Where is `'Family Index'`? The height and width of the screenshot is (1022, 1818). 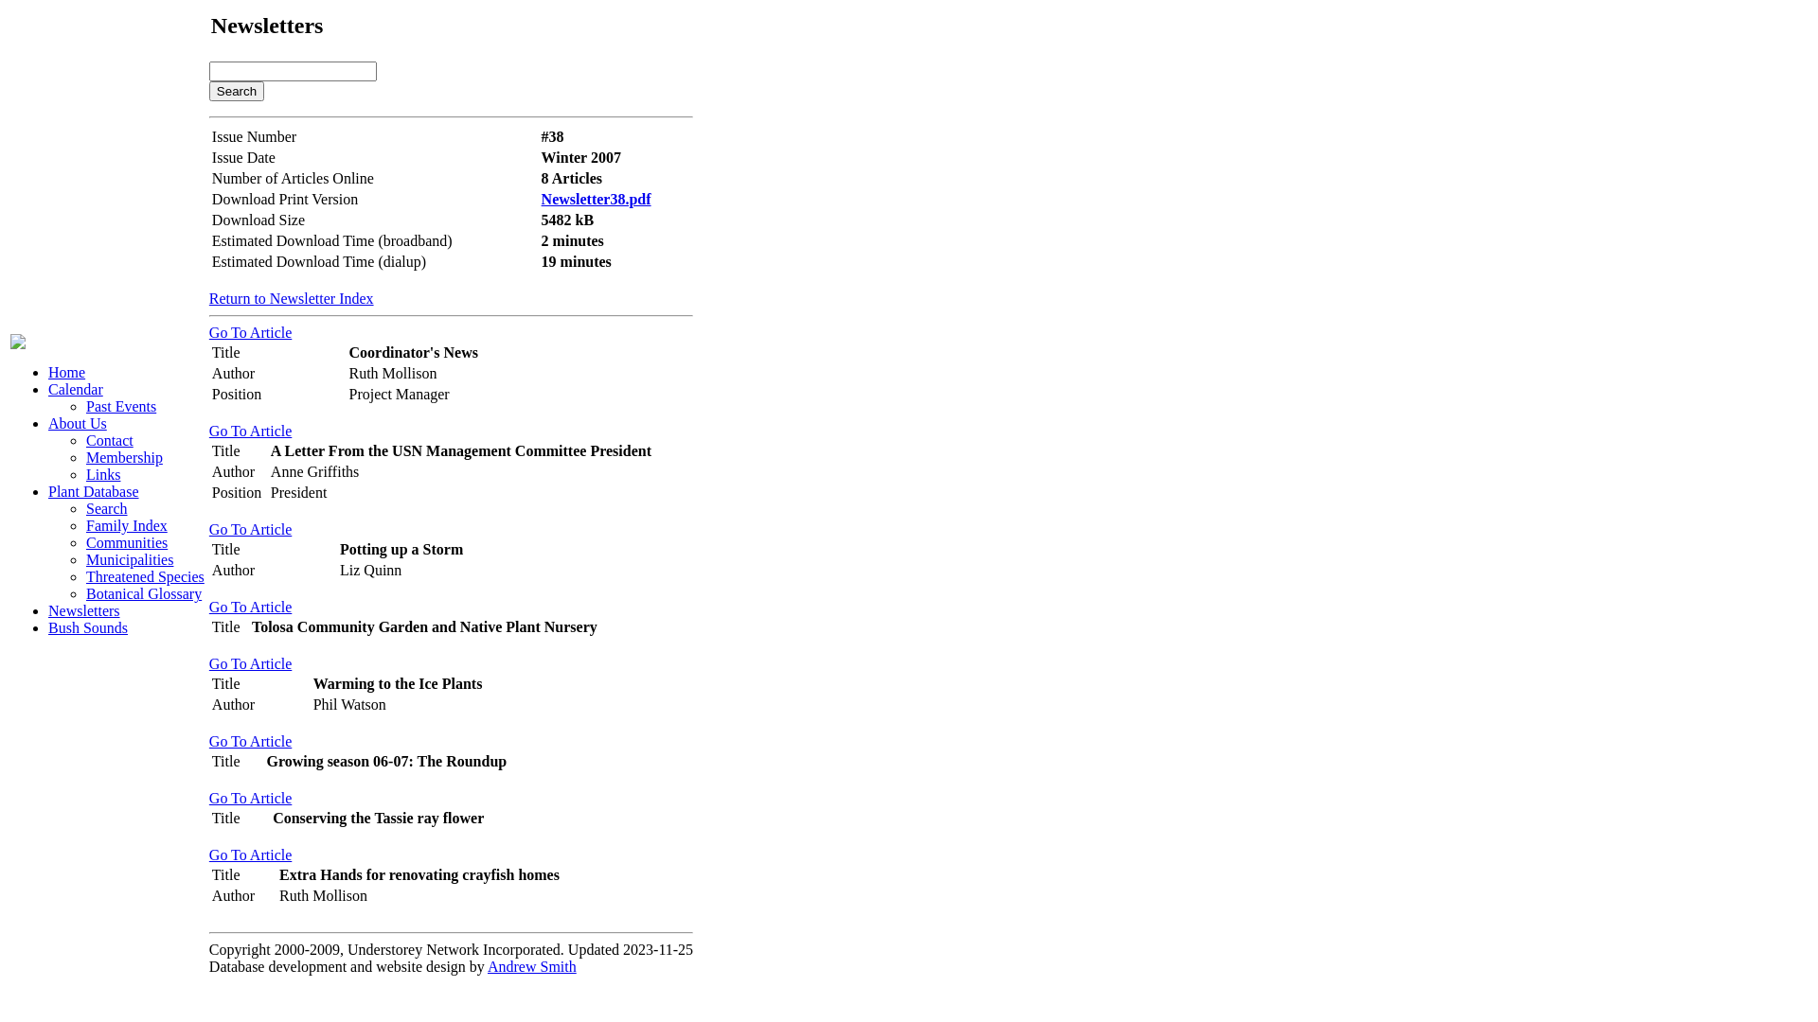
'Family Index' is located at coordinates (126, 525).